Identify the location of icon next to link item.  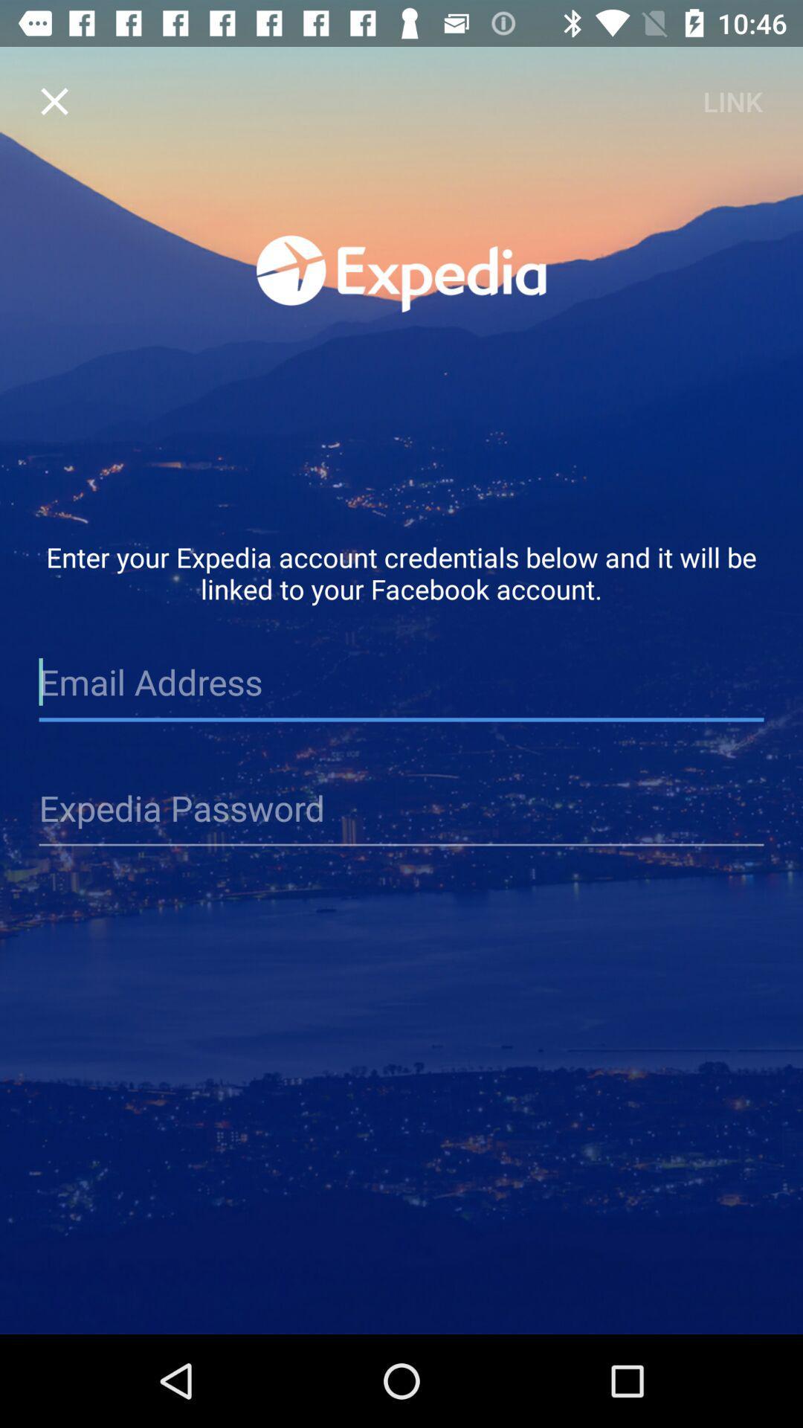
(54, 100).